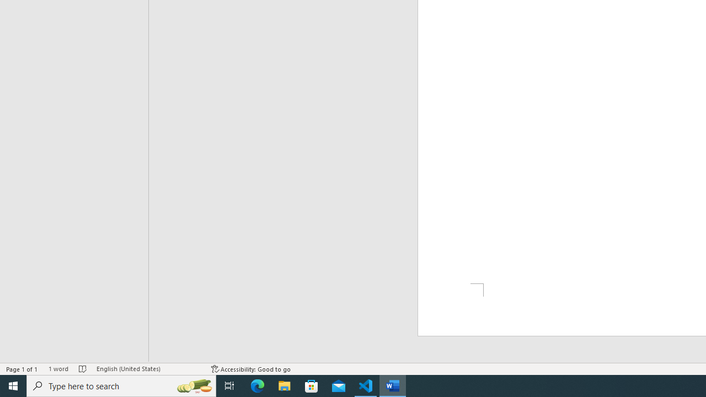  Describe the element at coordinates (148, 369) in the screenshot. I see `'Language English (United States)'` at that location.